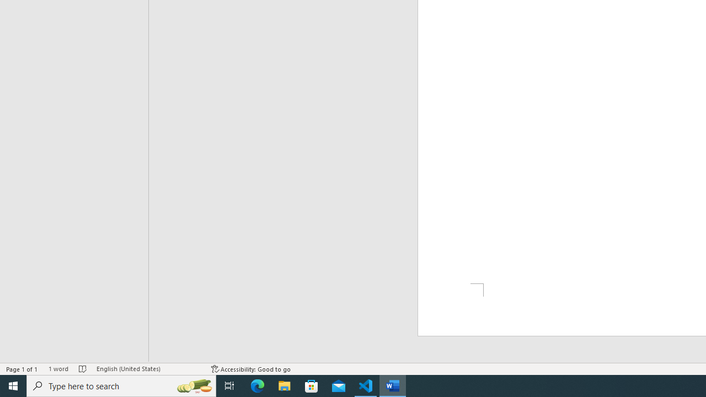  Describe the element at coordinates (148, 369) in the screenshot. I see `'Language English (United States)'` at that location.